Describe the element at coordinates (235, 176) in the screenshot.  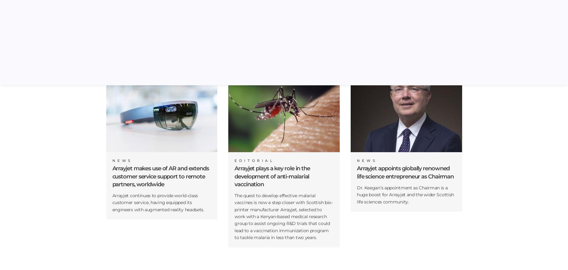
I see `'Arrayjet plays a key role in the development of anti-malarial vaccination'` at that location.